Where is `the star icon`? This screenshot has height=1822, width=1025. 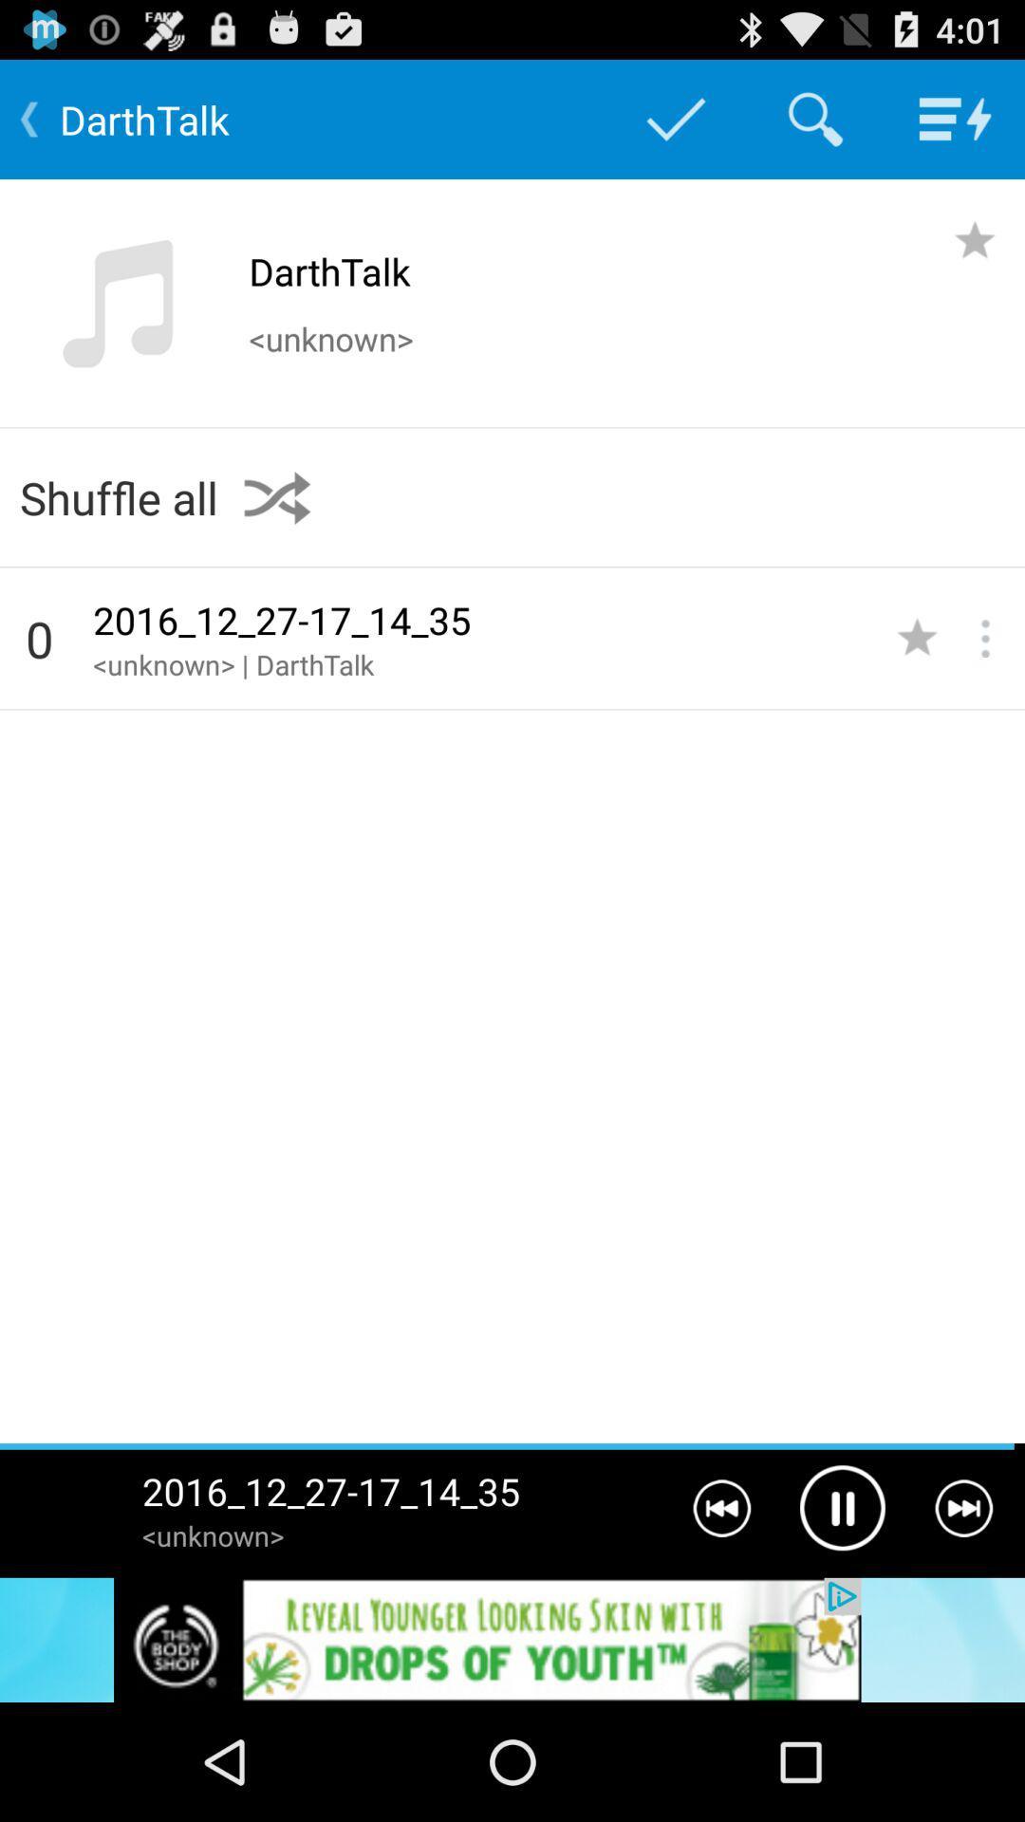
the star icon is located at coordinates (975, 254).